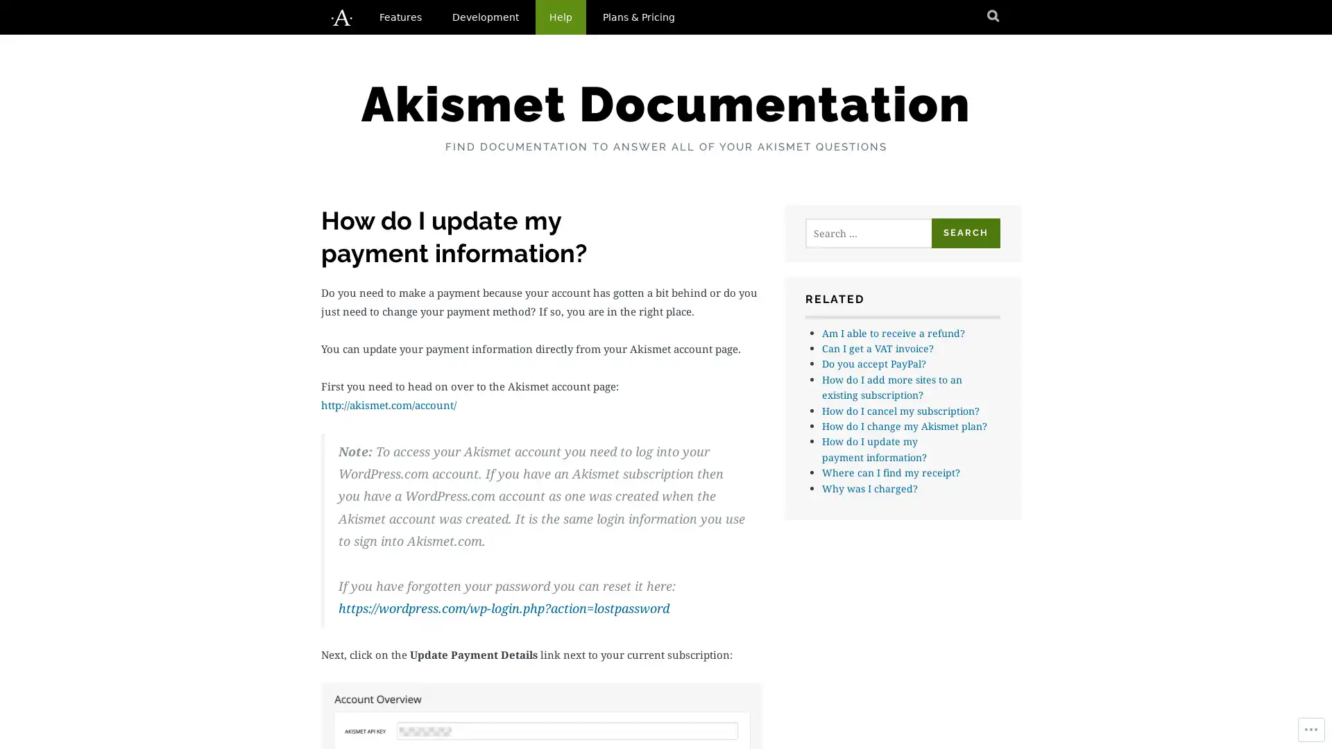  Describe the element at coordinates (965, 232) in the screenshot. I see `Search` at that location.